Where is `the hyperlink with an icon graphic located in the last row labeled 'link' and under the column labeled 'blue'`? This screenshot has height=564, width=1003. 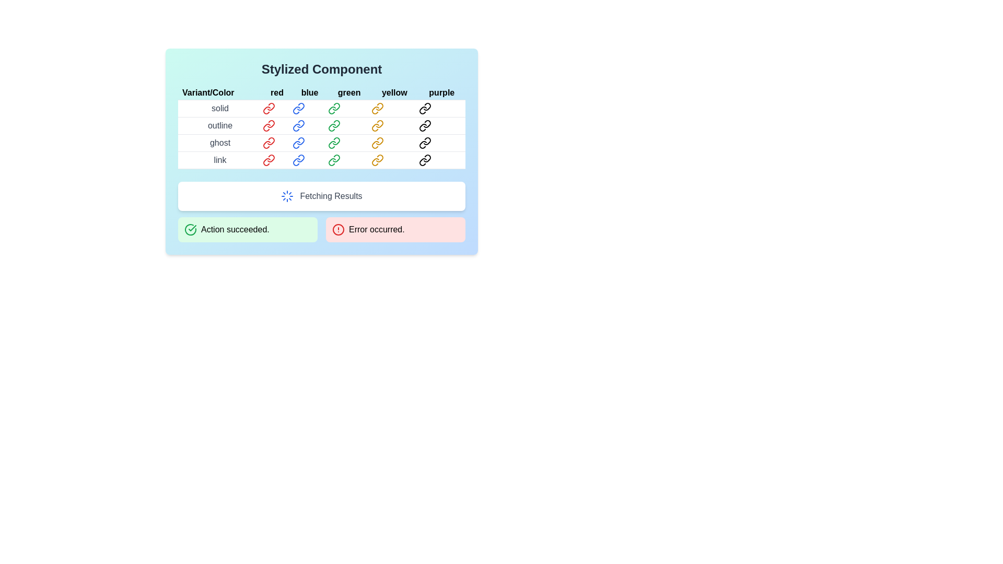
the hyperlink with an icon graphic located in the last row labeled 'link' and under the column labeled 'blue' is located at coordinates (298, 160).